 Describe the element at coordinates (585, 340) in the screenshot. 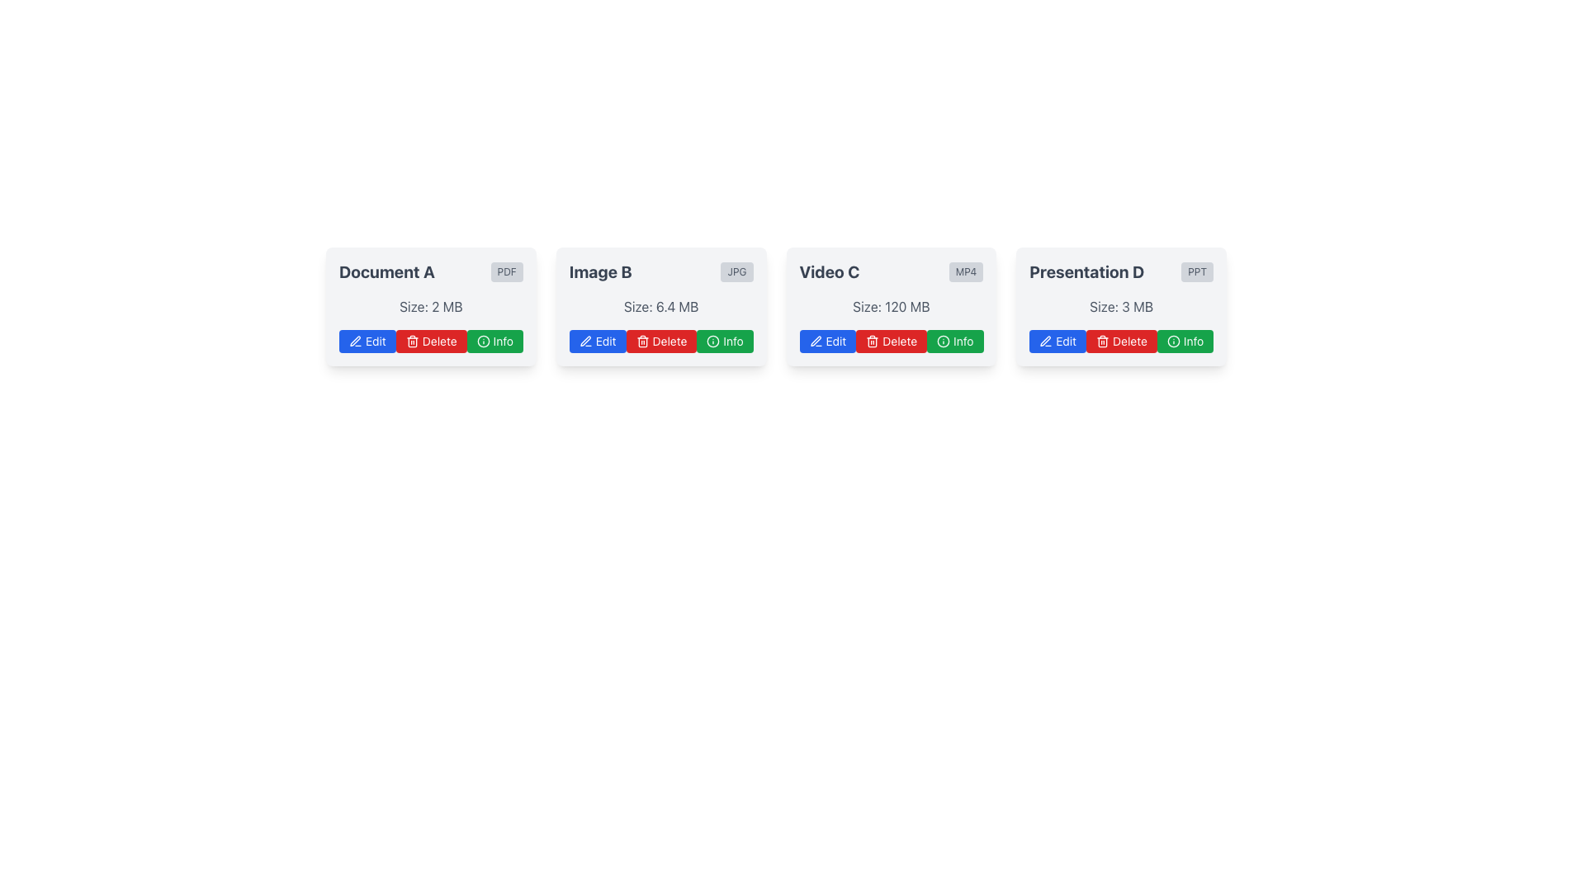

I see `the Icon Button representing the edit functionality, which features a pen icon and is located in the lower section of the card component for 'Image B'` at that location.